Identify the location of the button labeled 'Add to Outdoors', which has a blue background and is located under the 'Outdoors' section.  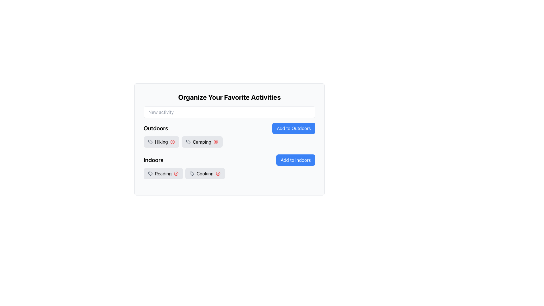
(294, 128).